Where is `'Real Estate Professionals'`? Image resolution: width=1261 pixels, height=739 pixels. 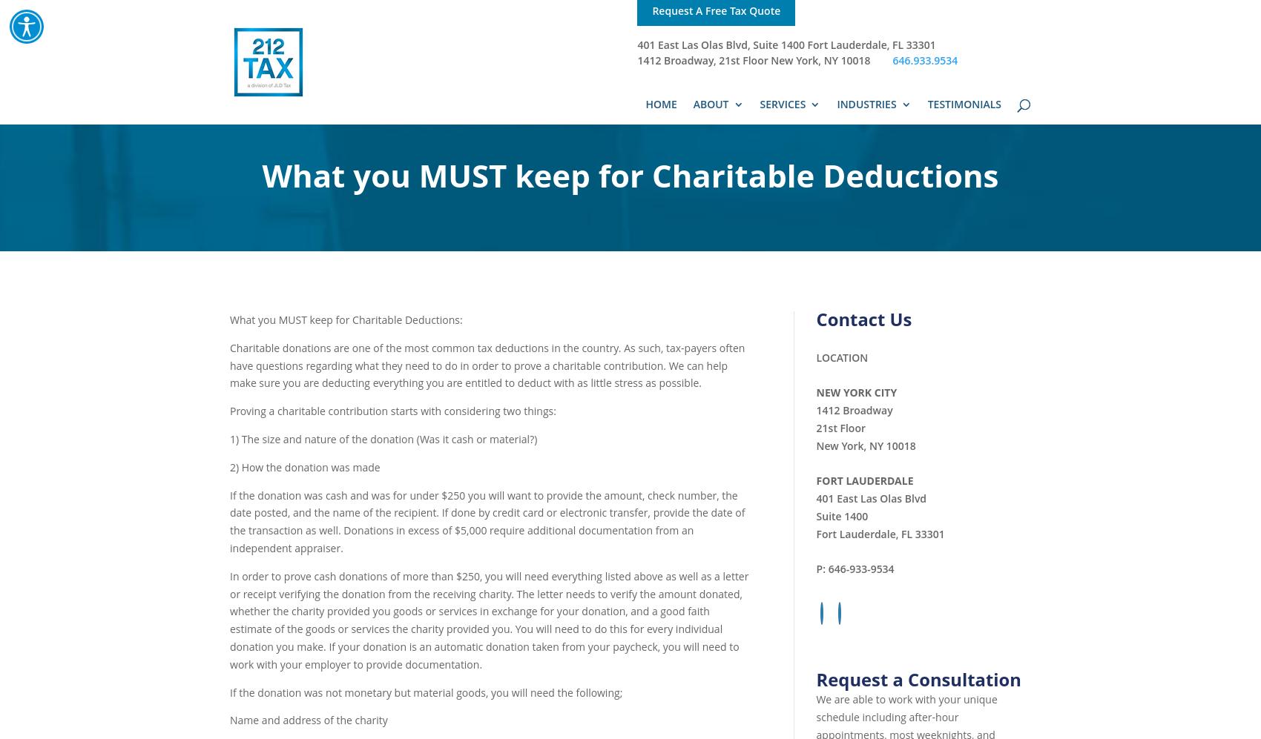
'Real Estate Professionals' is located at coordinates (900, 185).